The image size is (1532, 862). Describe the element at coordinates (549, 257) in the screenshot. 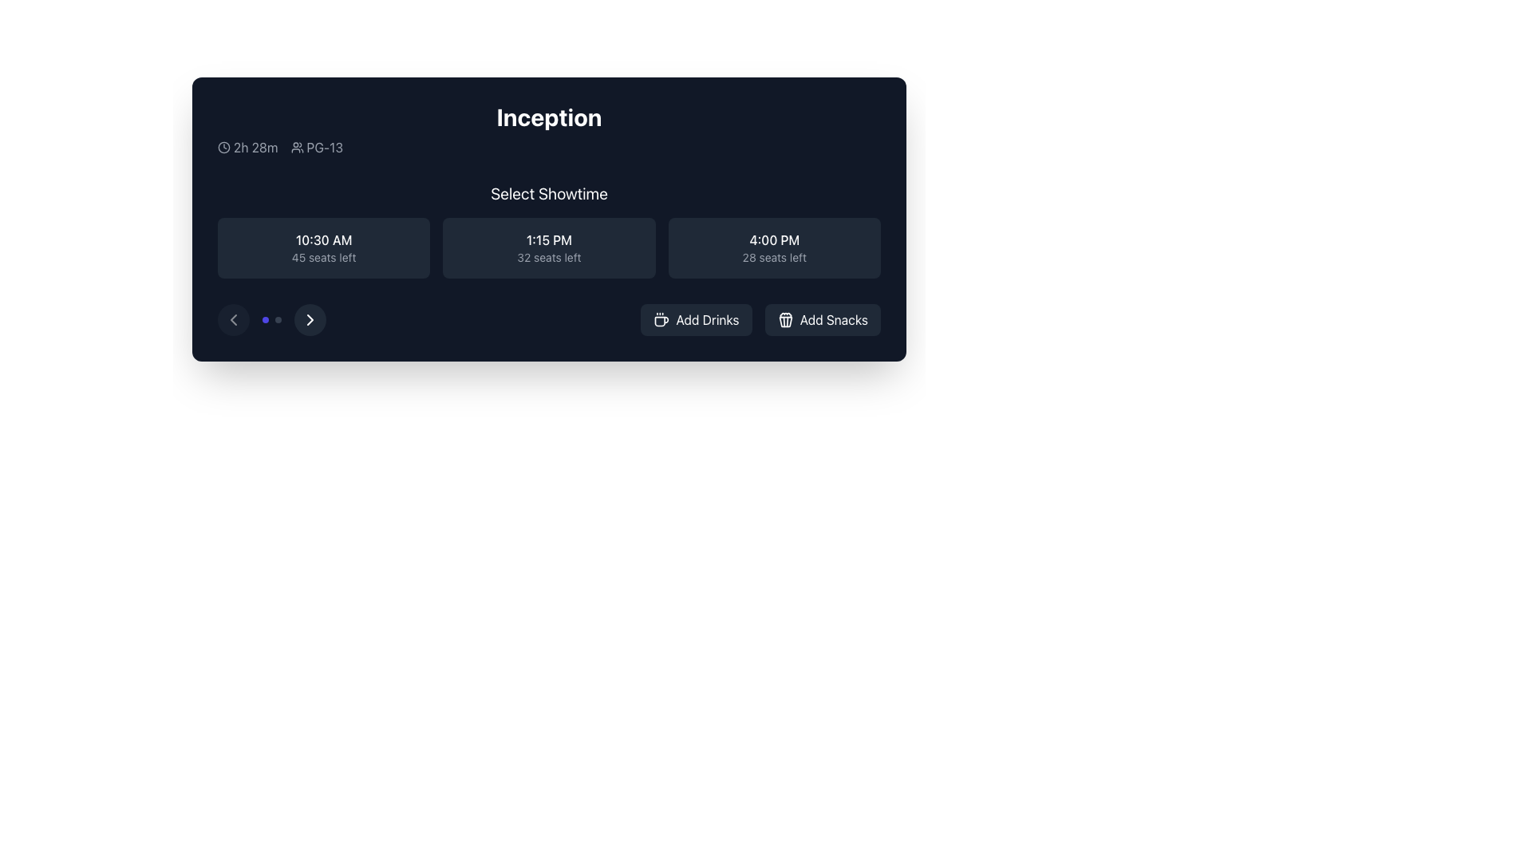

I see `the text label displaying '32 seats left', which is styled in a small light gray font on a dark background and located below the '1:15 PM' text in the 'Select Showtime' section` at that location.